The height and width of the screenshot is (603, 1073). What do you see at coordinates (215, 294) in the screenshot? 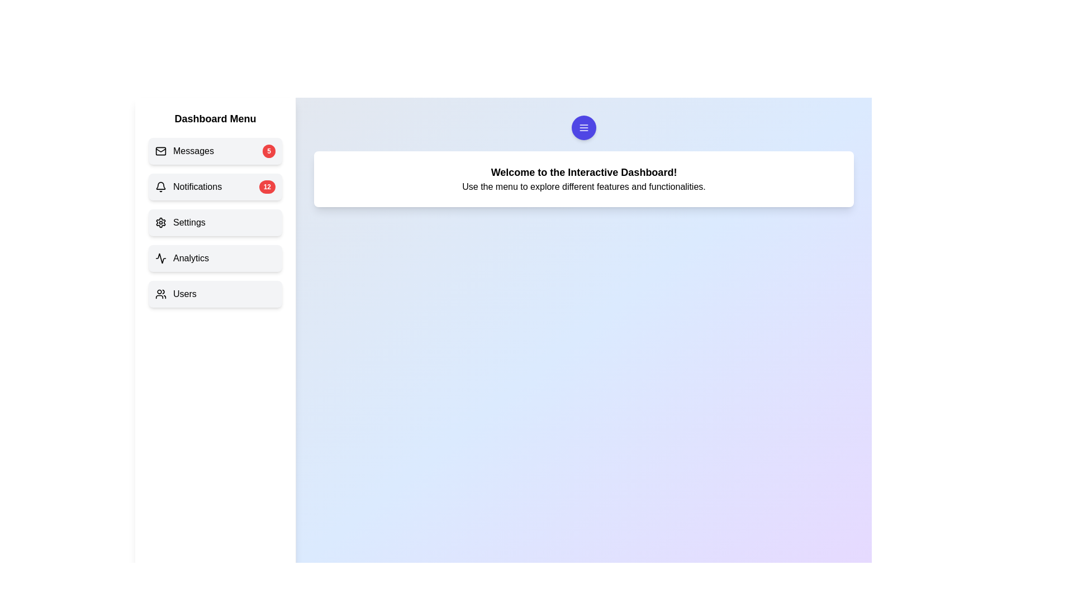
I see `the menu item Users to navigate to its respective section` at bounding box center [215, 294].